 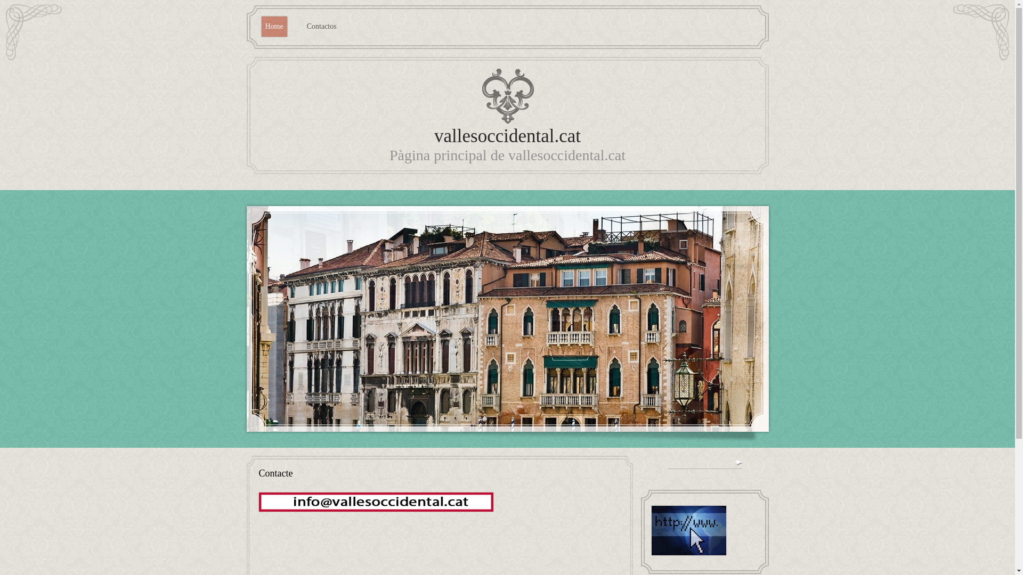 What do you see at coordinates (507, 135) in the screenshot?
I see `'vallesoccidental.cat'` at bounding box center [507, 135].